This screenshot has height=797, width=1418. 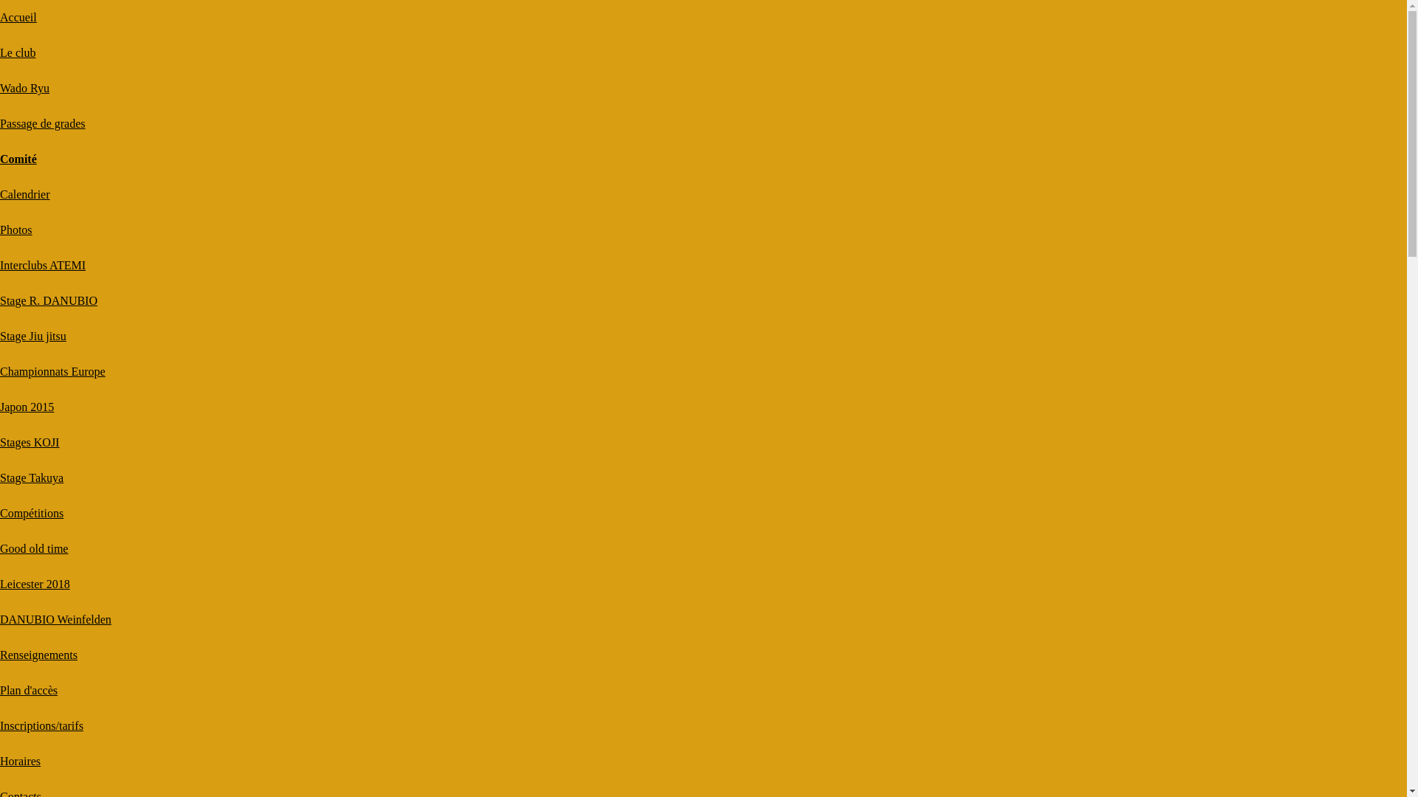 What do you see at coordinates (18, 17) in the screenshot?
I see `'Accueil'` at bounding box center [18, 17].